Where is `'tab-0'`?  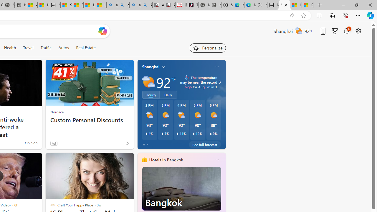 'tab-0' is located at coordinates (144, 145).